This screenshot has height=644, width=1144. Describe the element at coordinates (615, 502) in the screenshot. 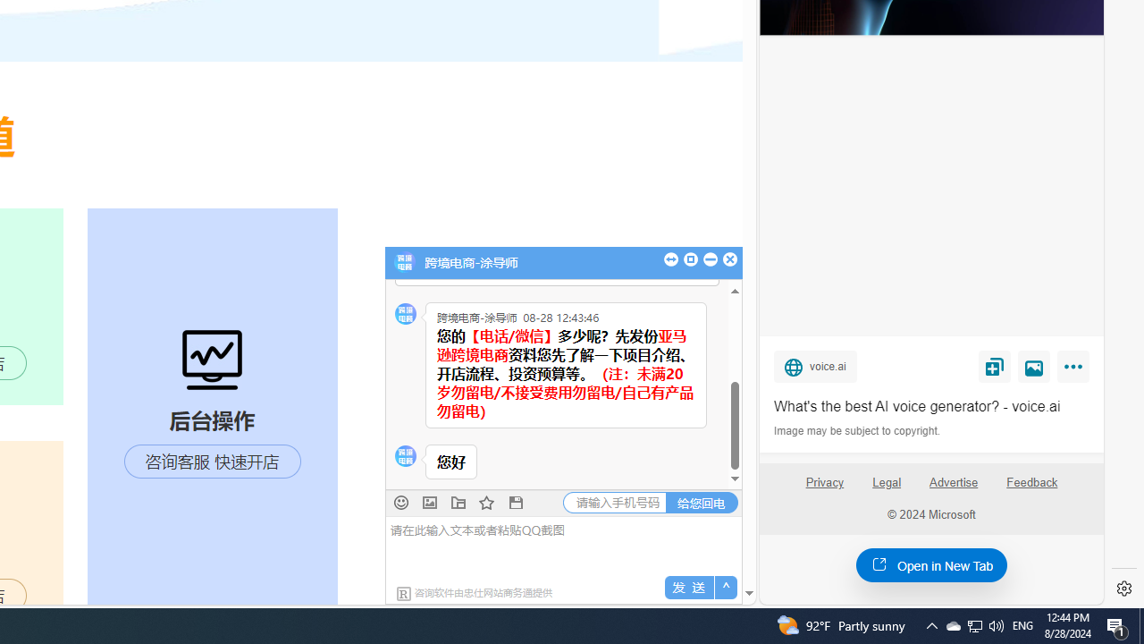

I see `'AutomationID: tel'` at that location.